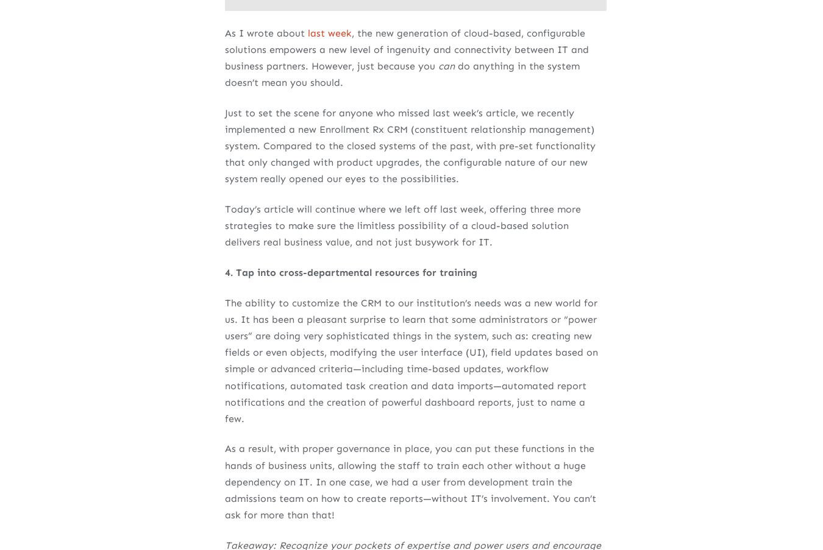 The width and height of the screenshot is (823, 550). Describe the element at coordinates (410, 146) in the screenshot. I see `'Just to set the scene for anyone who missed last week’s article, we recently implemented a new Enrollment Rx CRM (constituent relationship management) system. Compared to the closed systems of the past, with pre-set functionality that only changed with product upgrades, the configurable nature of our new system really opened our eyes to the possibilities.'` at that location.